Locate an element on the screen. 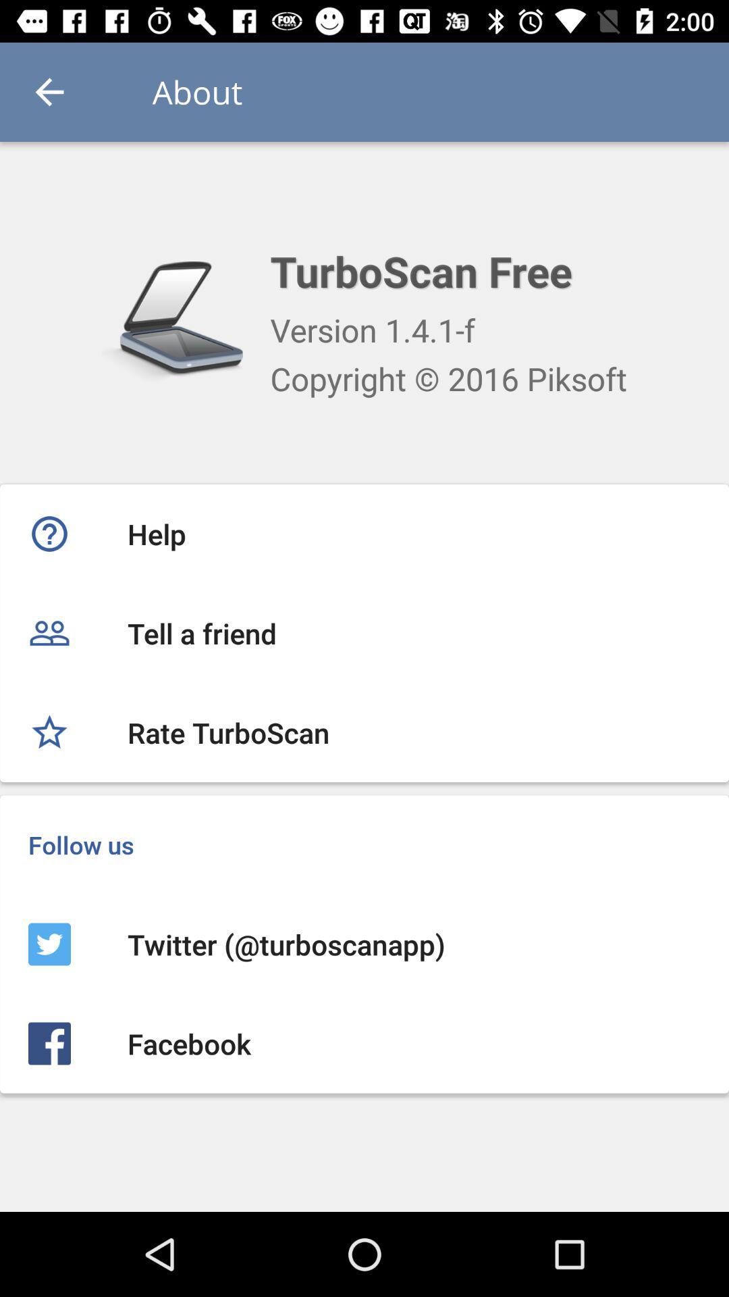 Image resolution: width=729 pixels, height=1297 pixels. item to the left of the about is located at coordinates (49, 91).